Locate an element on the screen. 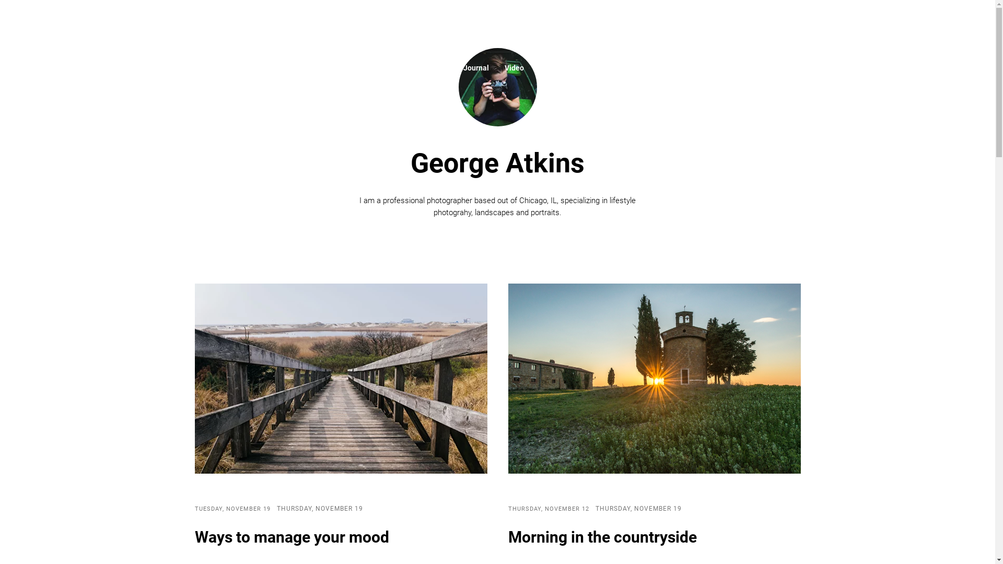 Image resolution: width=1003 pixels, height=564 pixels. 'Journal' is located at coordinates (475, 68).